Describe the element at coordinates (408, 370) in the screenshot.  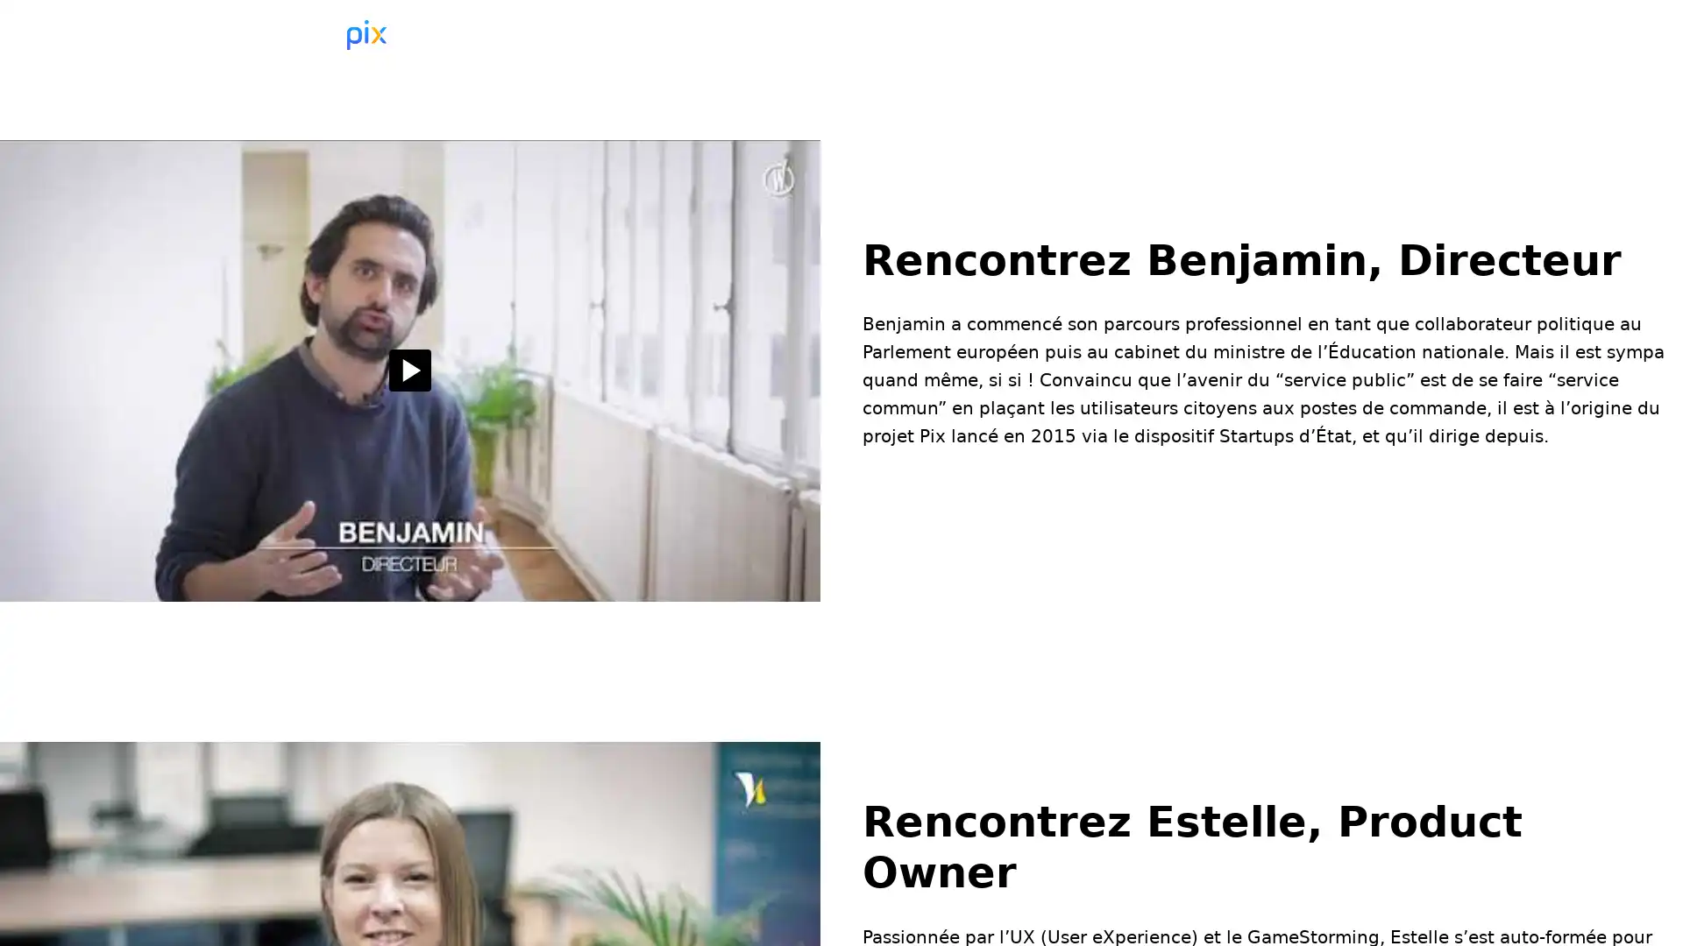
I see `Play` at that location.